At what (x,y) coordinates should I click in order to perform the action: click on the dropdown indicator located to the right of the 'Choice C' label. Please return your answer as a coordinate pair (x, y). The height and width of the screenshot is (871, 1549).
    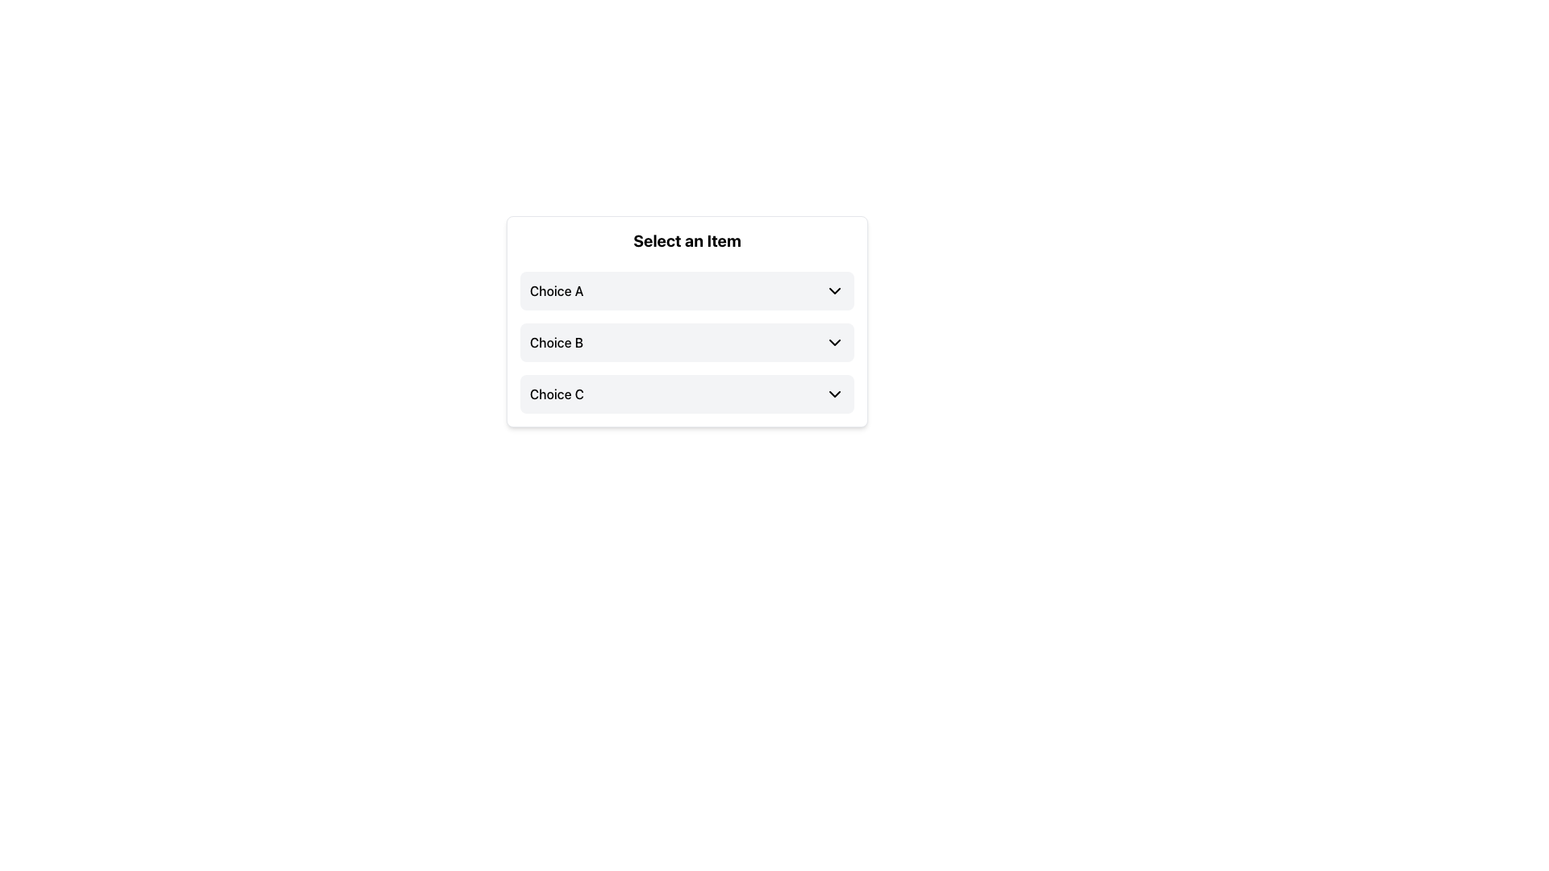
    Looking at the image, I should click on (835, 394).